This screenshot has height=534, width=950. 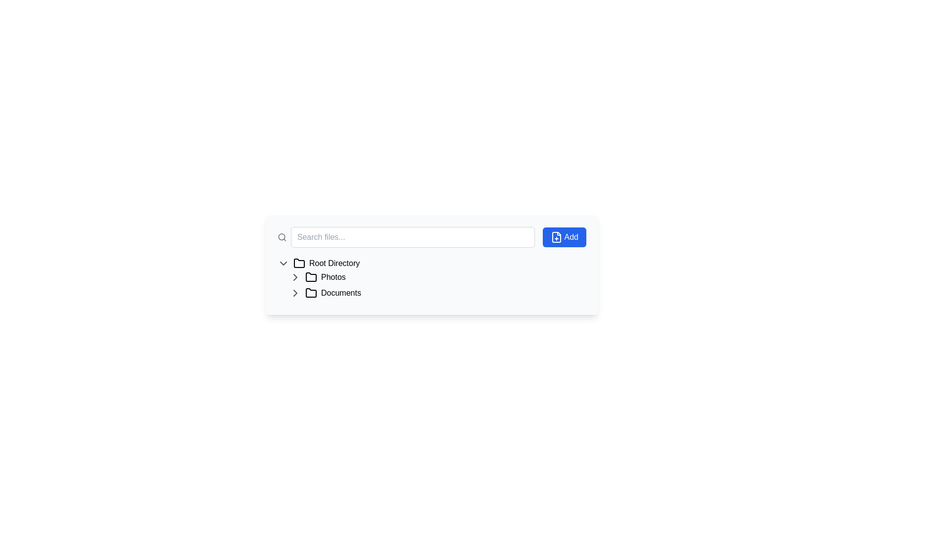 I want to click on the 'Documents' folder, so click(x=437, y=293).